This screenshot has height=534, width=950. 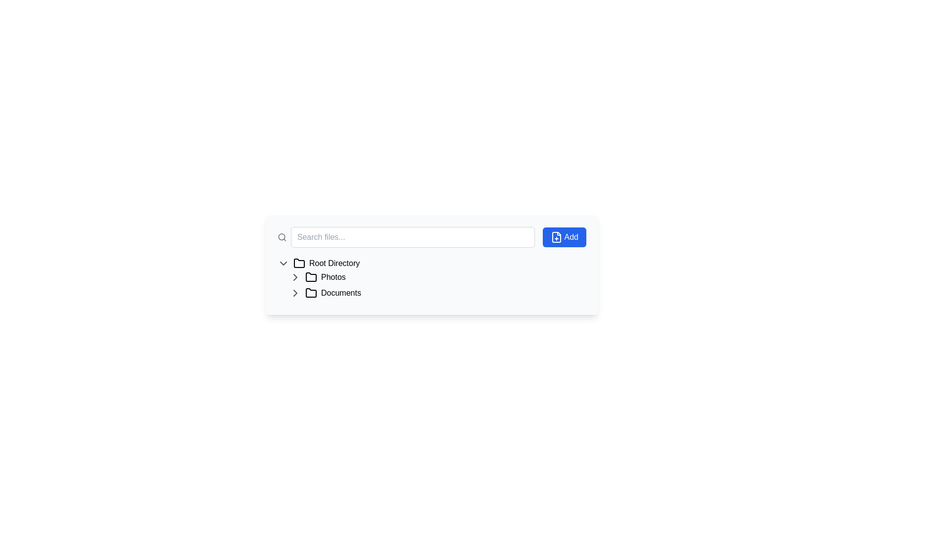 I want to click on the 'Documents' folder, so click(x=437, y=293).